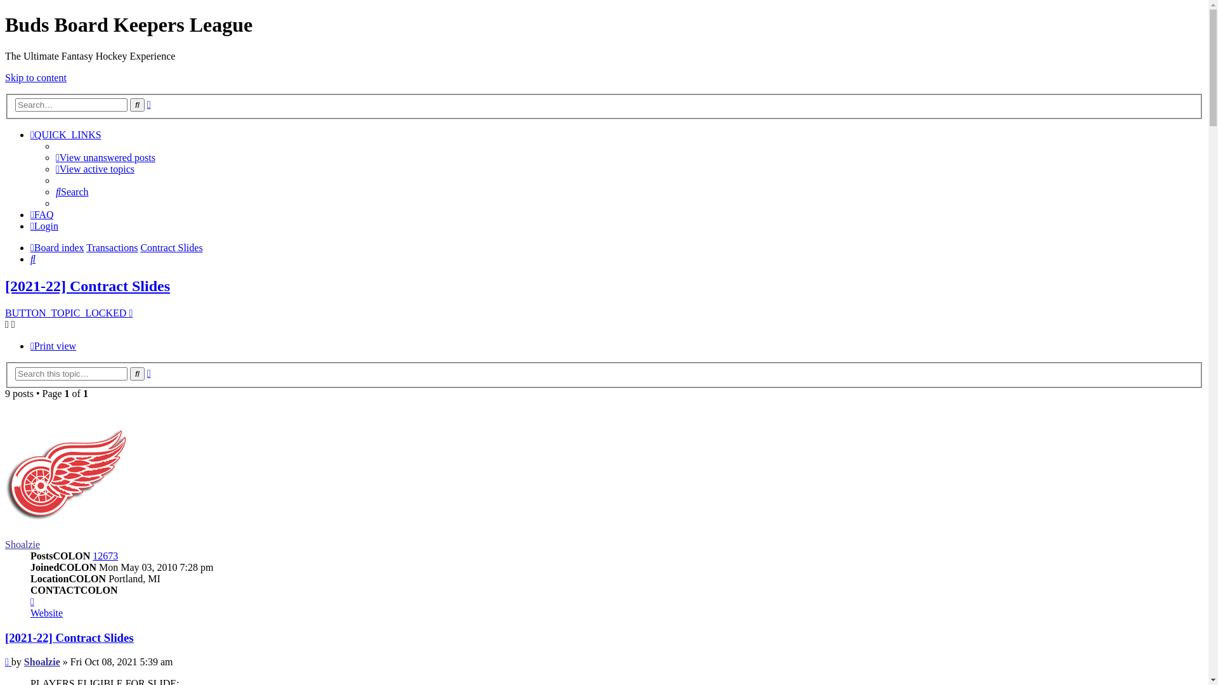 The width and height of the screenshot is (1218, 685). What do you see at coordinates (149, 103) in the screenshot?
I see `'Advanced search'` at bounding box center [149, 103].